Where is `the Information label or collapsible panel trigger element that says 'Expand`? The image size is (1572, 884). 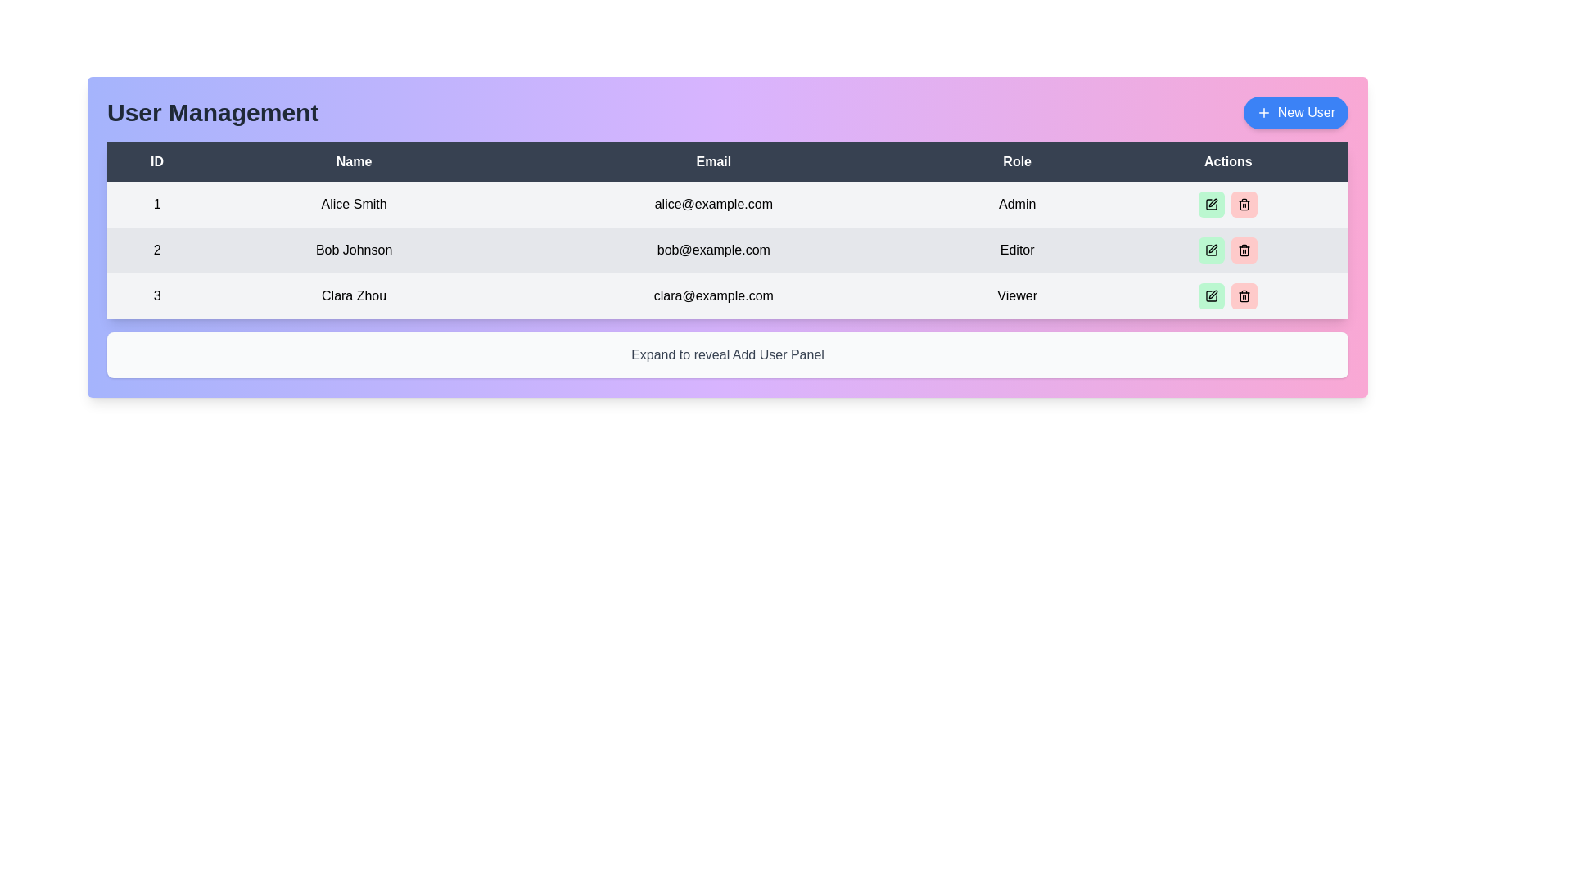
the Information label or collapsible panel trigger element that says 'Expand is located at coordinates (726, 354).